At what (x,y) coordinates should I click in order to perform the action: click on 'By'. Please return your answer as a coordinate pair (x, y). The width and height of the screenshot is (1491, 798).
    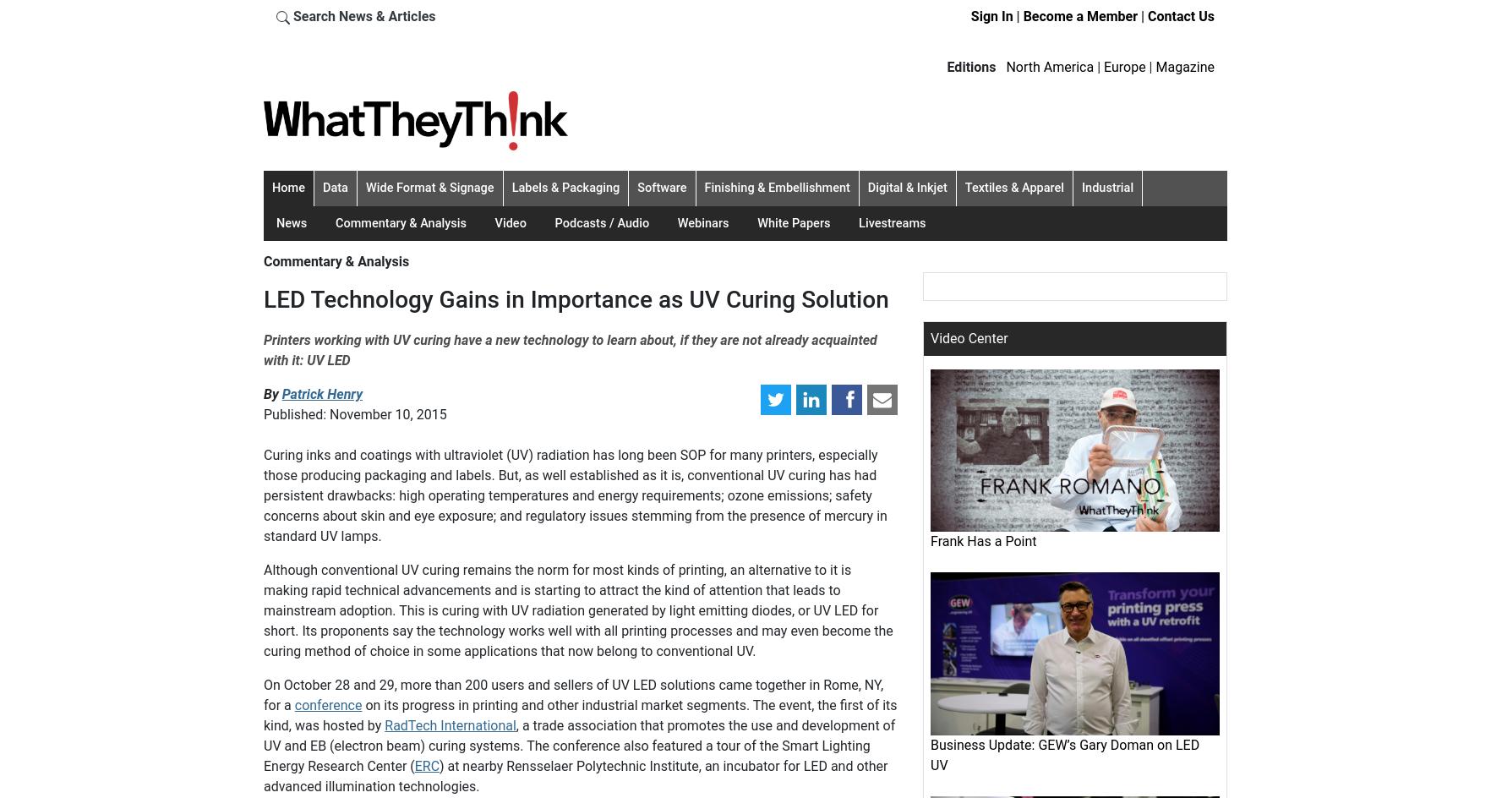
    Looking at the image, I should click on (272, 393).